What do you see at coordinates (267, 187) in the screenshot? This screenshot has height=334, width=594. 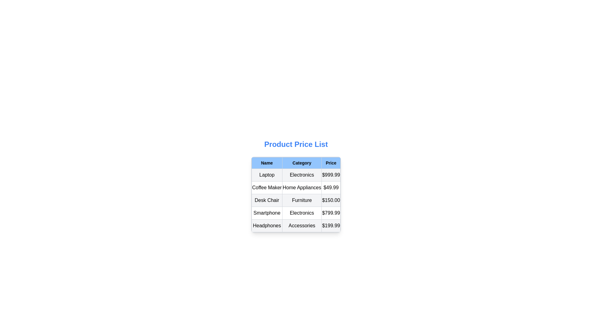 I see `the 'Coffee Maker' static text label located in the second row of the table under the 'Name' column, styled with a center-aligned text layout and bordered by a gray rectangle` at bounding box center [267, 187].